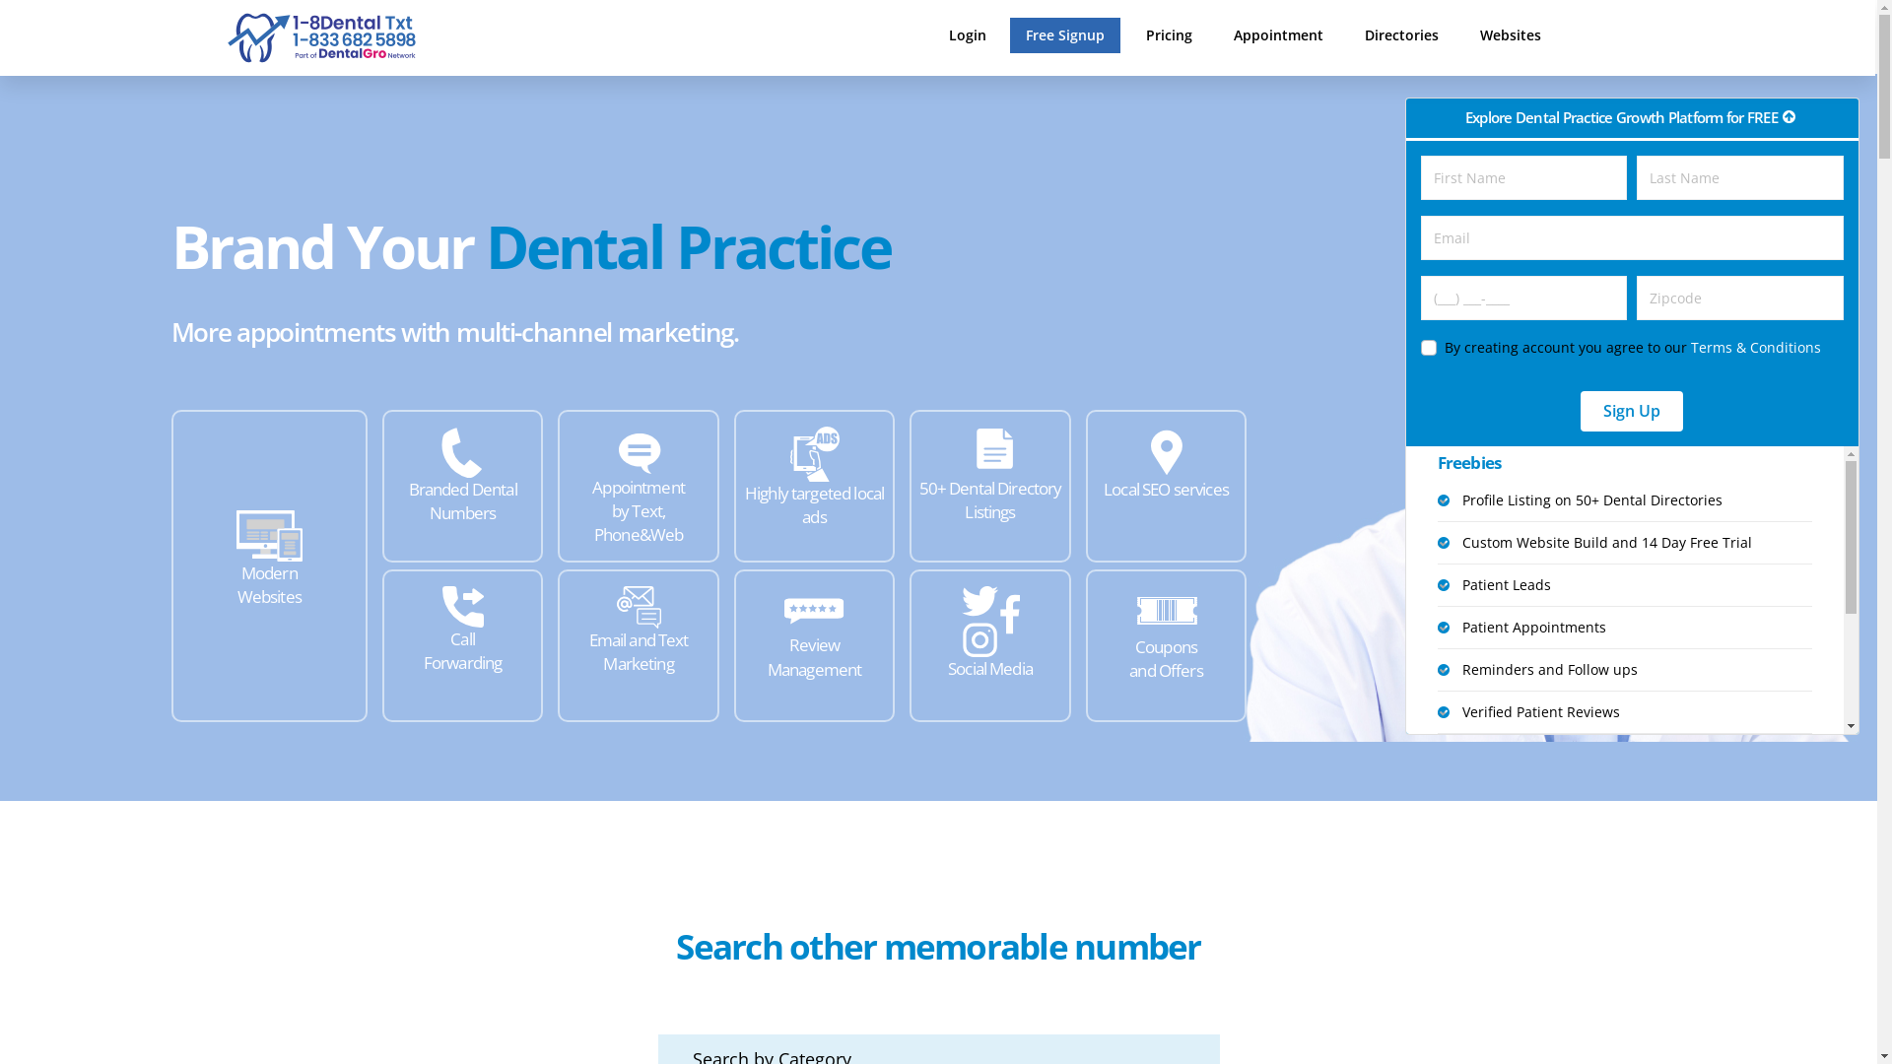 This screenshot has height=1064, width=1892. What do you see at coordinates (268, 565) in the screenshot?
I see `'Modern` at bounding box center [268, 565].